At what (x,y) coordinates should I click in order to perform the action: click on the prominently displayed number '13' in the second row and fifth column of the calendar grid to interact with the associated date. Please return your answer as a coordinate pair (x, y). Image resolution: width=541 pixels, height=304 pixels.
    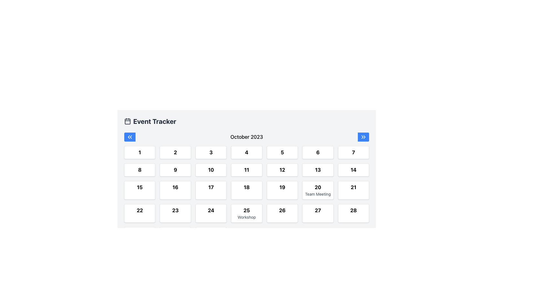
    Looking at the image, I should click on (318, 170).